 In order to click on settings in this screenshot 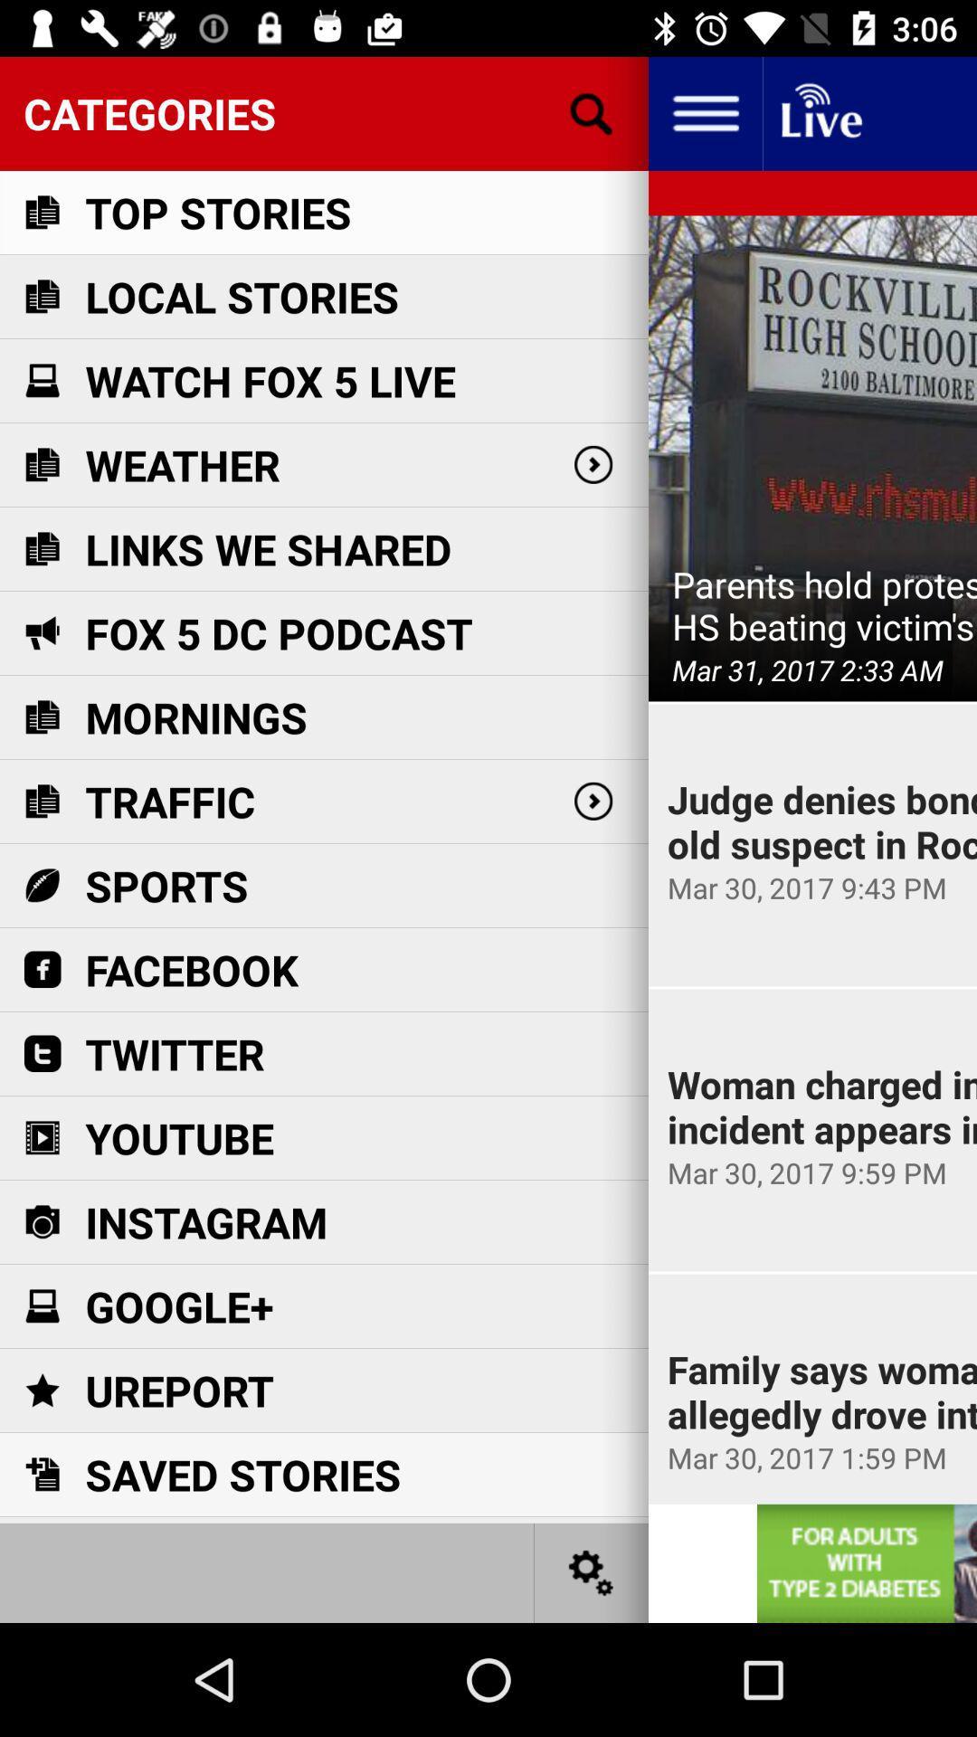, I will do `click(592, 1571)`.